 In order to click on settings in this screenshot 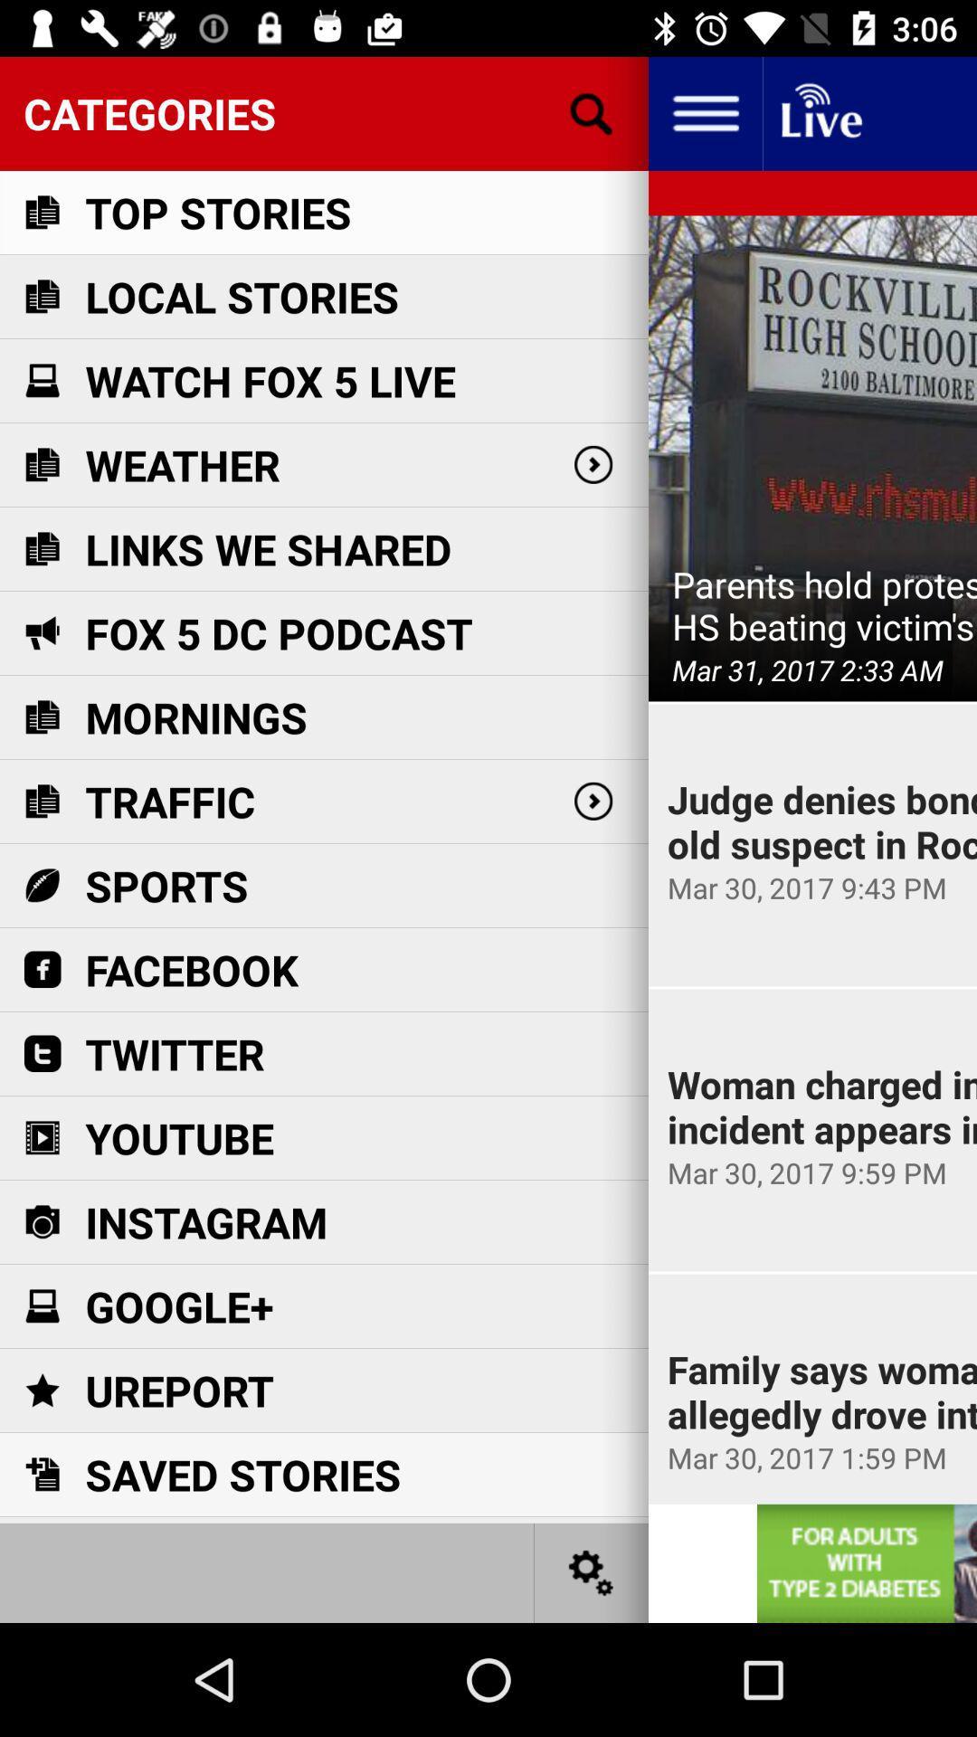, I will do `click(592, 1571)`.